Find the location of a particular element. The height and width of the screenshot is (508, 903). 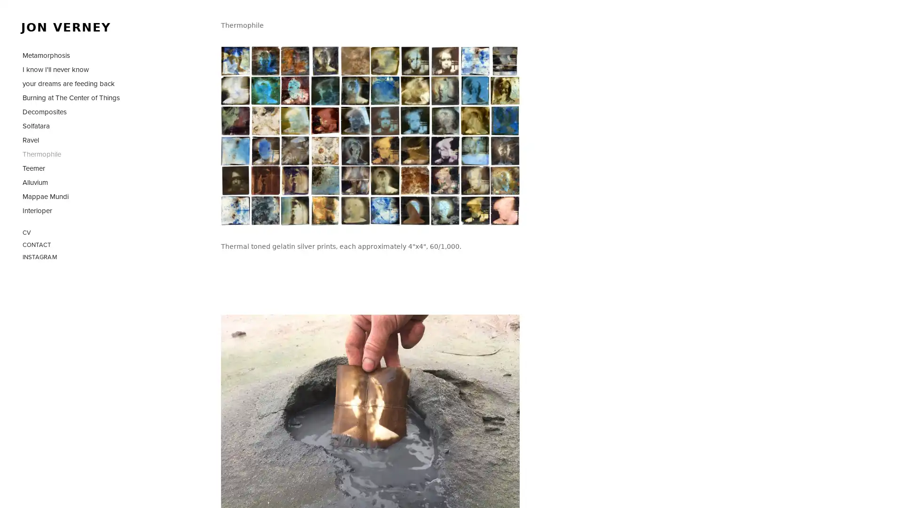

View fullsize jon_verney_thermophile_19.jpg is located at coordinates (385, 150).